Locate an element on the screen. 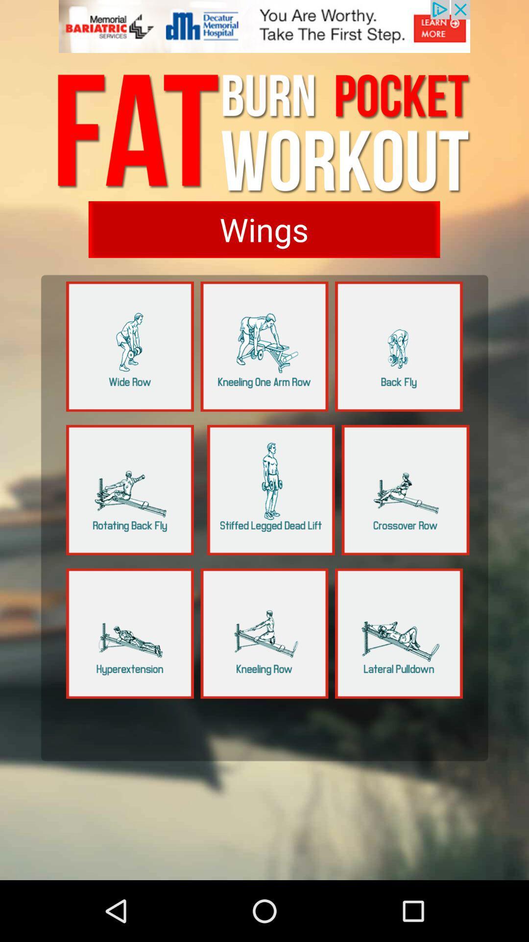 The width and height of the screenshot is (529, 942). open menu is located at coordinates (399, 633).